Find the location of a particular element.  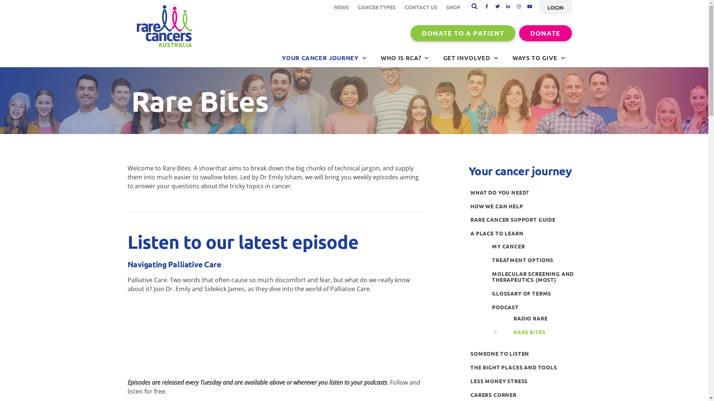

'GET INVOLVED' is located at coordinates (470, 57).